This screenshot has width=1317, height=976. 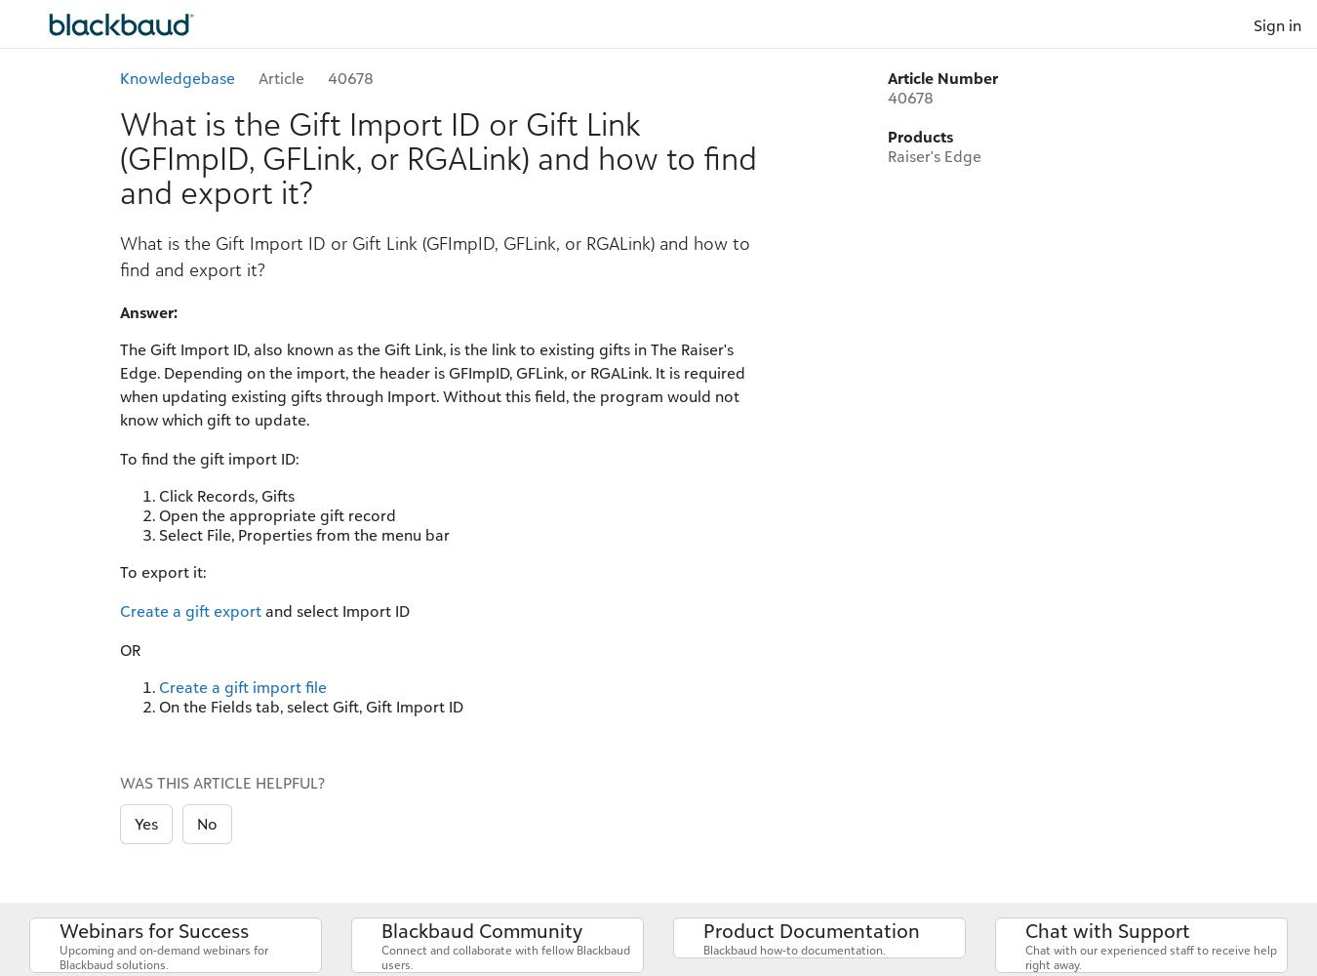 I want to click on 'Blackbaud how-to documentation.', so click(x=702, y=949).